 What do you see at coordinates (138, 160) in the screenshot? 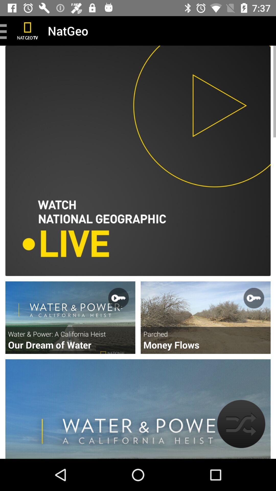
I see `main video area` at bounding box center [138, 160].